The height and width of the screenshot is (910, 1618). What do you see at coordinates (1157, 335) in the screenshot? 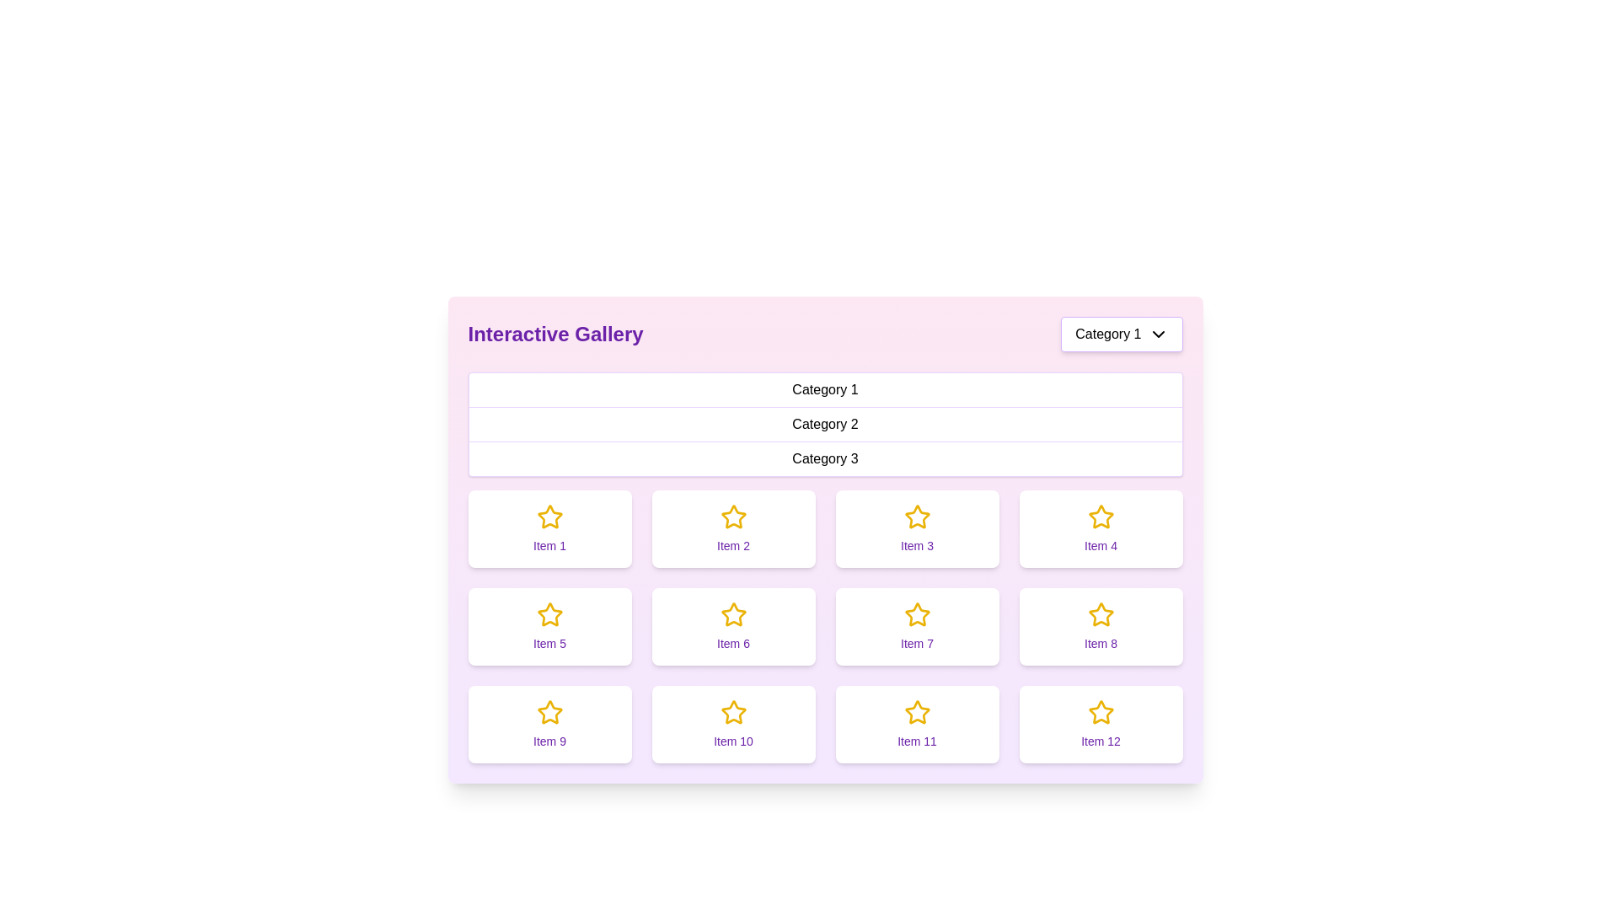
I see `the chevron icon of the 'Category 1' dropdown toggle` at bounding box center [1157, 335].